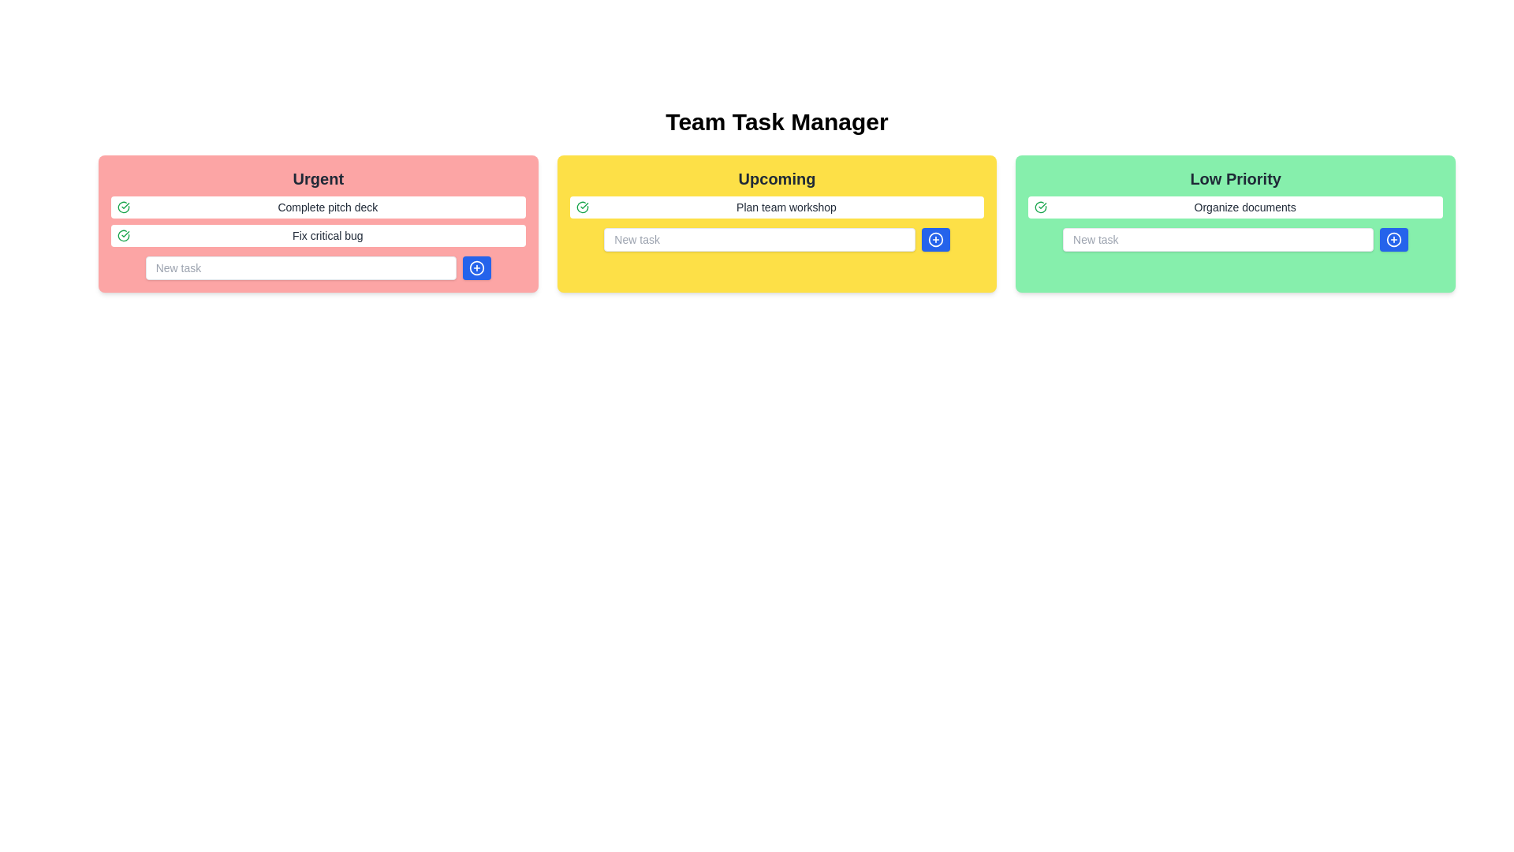 This screenshot has width=1514, height=852. Describe the element at coordinates (317, 206) in the screenshot. I see `the first task item in the red 'Urgent' task list, which displays a green checkmark icon and the text 'Complete pitch deck'` at that location.